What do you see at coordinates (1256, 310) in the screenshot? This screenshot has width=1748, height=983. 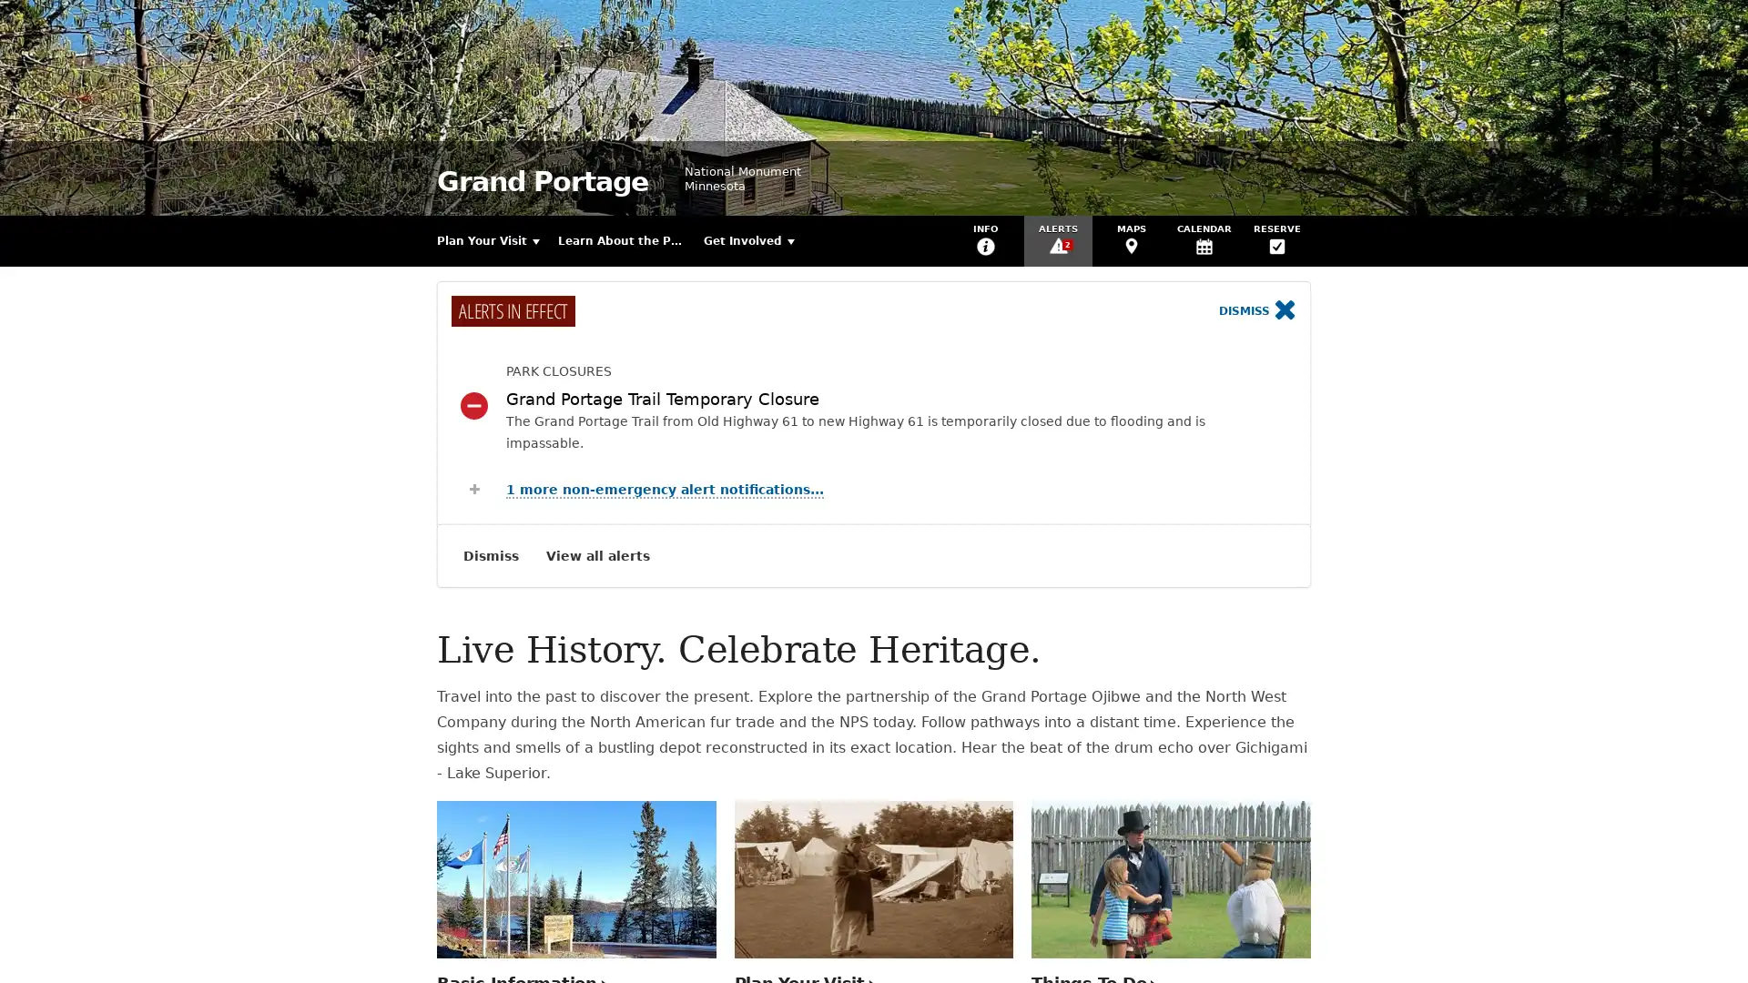 I see `Dismiss` at bounding box center [1256, 310].